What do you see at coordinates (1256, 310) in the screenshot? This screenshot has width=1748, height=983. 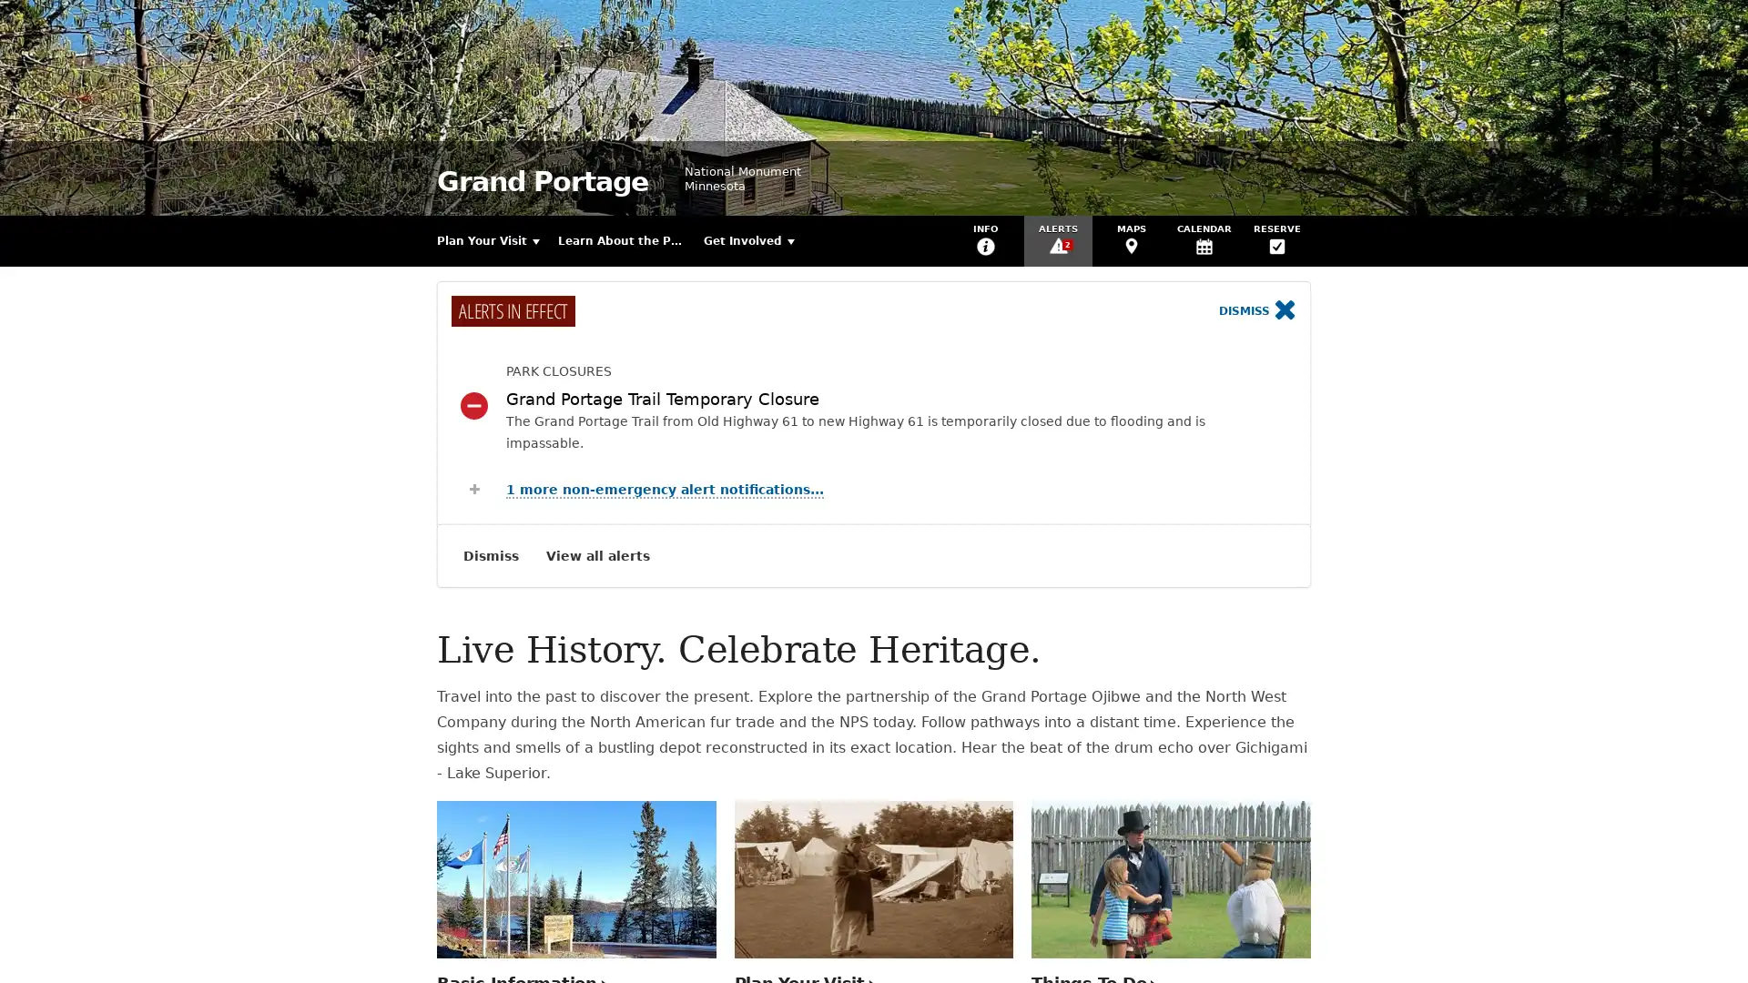 I see `Dismiss` at bounding box center [1256, 310].